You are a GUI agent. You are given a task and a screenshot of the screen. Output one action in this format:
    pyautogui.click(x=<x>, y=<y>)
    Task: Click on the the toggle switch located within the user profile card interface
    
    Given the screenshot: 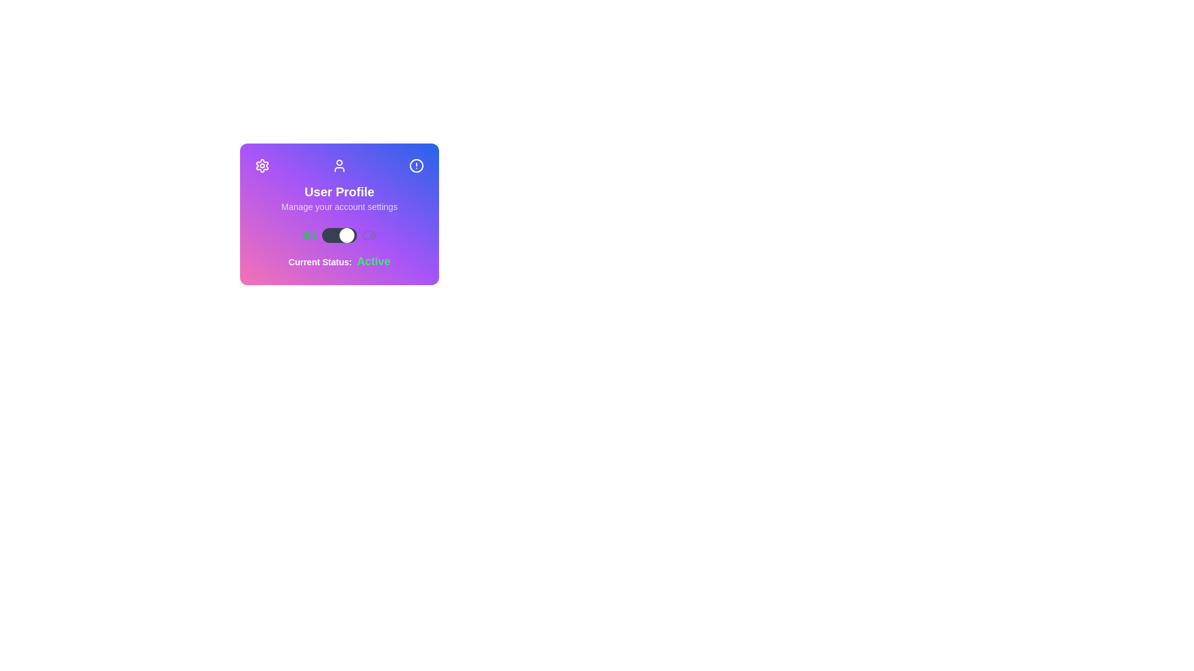 What is the action you would take?
    pyautogui.click(x=340, y=235)
    